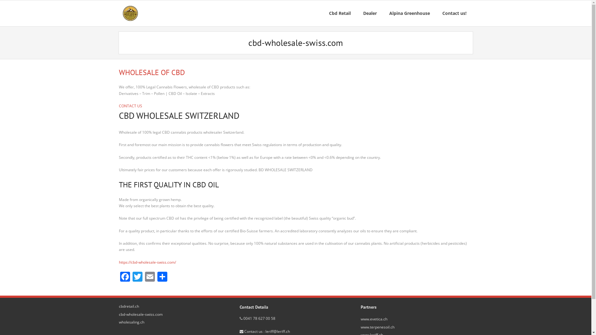 This screenshot has width=596, height=335. Describe the element at coordinates (147, 262) in the screenshot. I see `'https://cbd-wholesale-swiss.com/'` at that location.